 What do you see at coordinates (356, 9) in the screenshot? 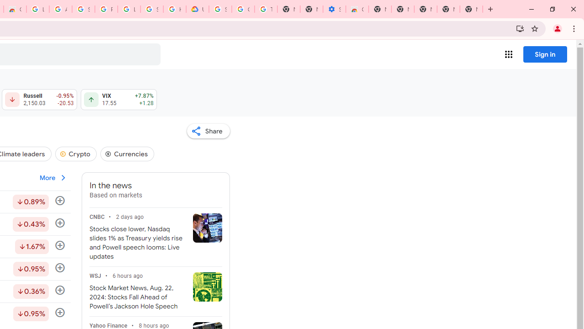
I see `'Chrome Web Store - Accessibility extensions'` at bounding box center [356, 9].